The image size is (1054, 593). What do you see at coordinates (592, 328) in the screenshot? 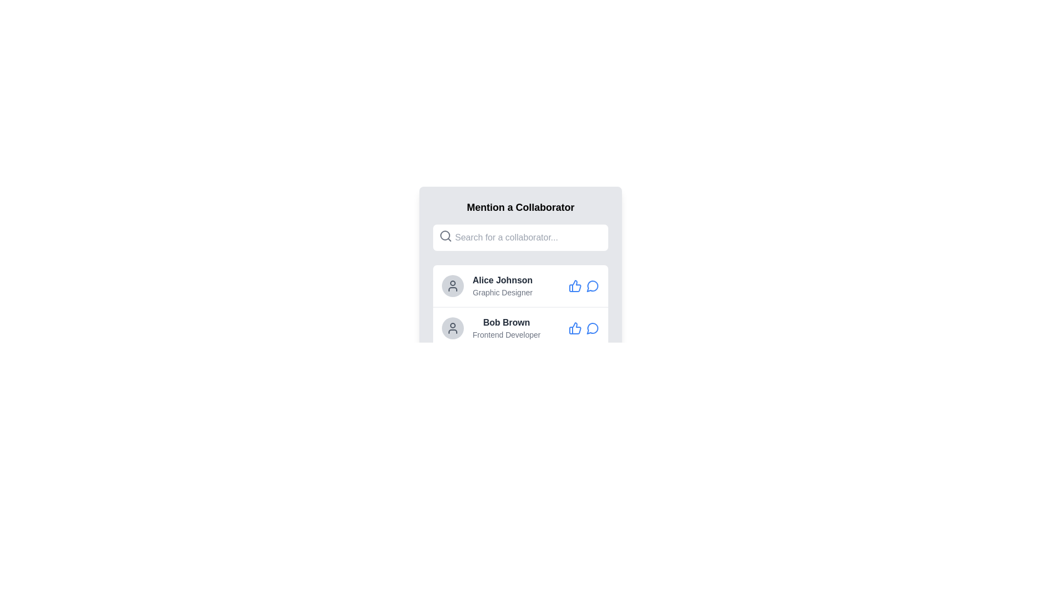
I see `the circular speech bubble icon located in the bottom-right area of the second collaborator entry` at bounding box center [592, 328].